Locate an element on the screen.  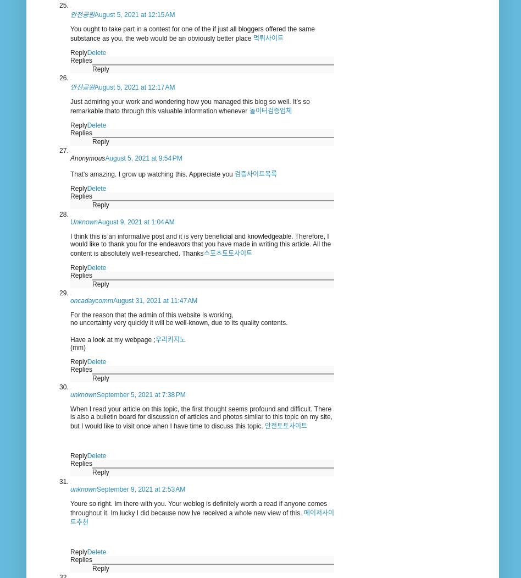
'Anonymous' is located at coordinates (87, 157).